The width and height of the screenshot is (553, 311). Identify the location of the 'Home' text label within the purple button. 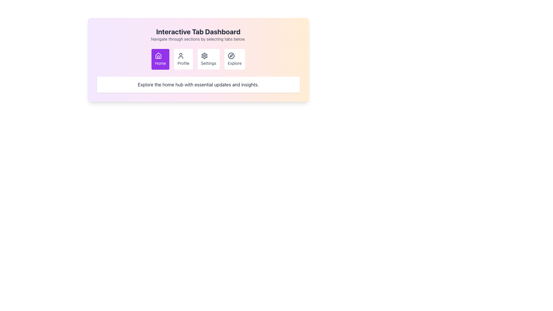
(160, 63).